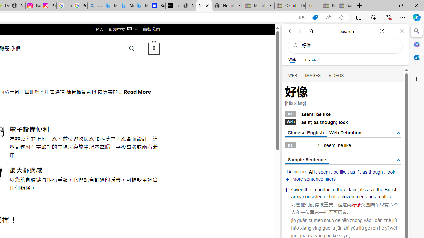  What do you see at coordinates (292, 75) in the screenshot?
I see `'Search Filter, WEB'` at bounding box center [292, 75].